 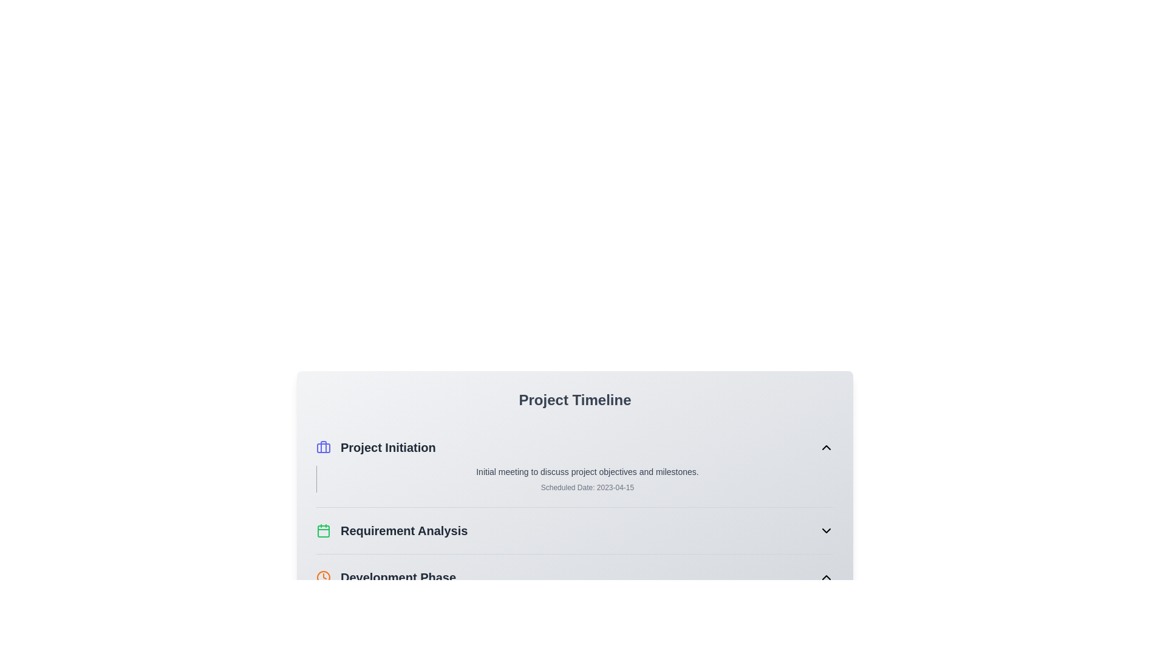 What do you see at coordinates (574, 577) in the screenshot?
I see `the Collapsible Header for the 'Development Phase'` at bounding box center [574, 577].